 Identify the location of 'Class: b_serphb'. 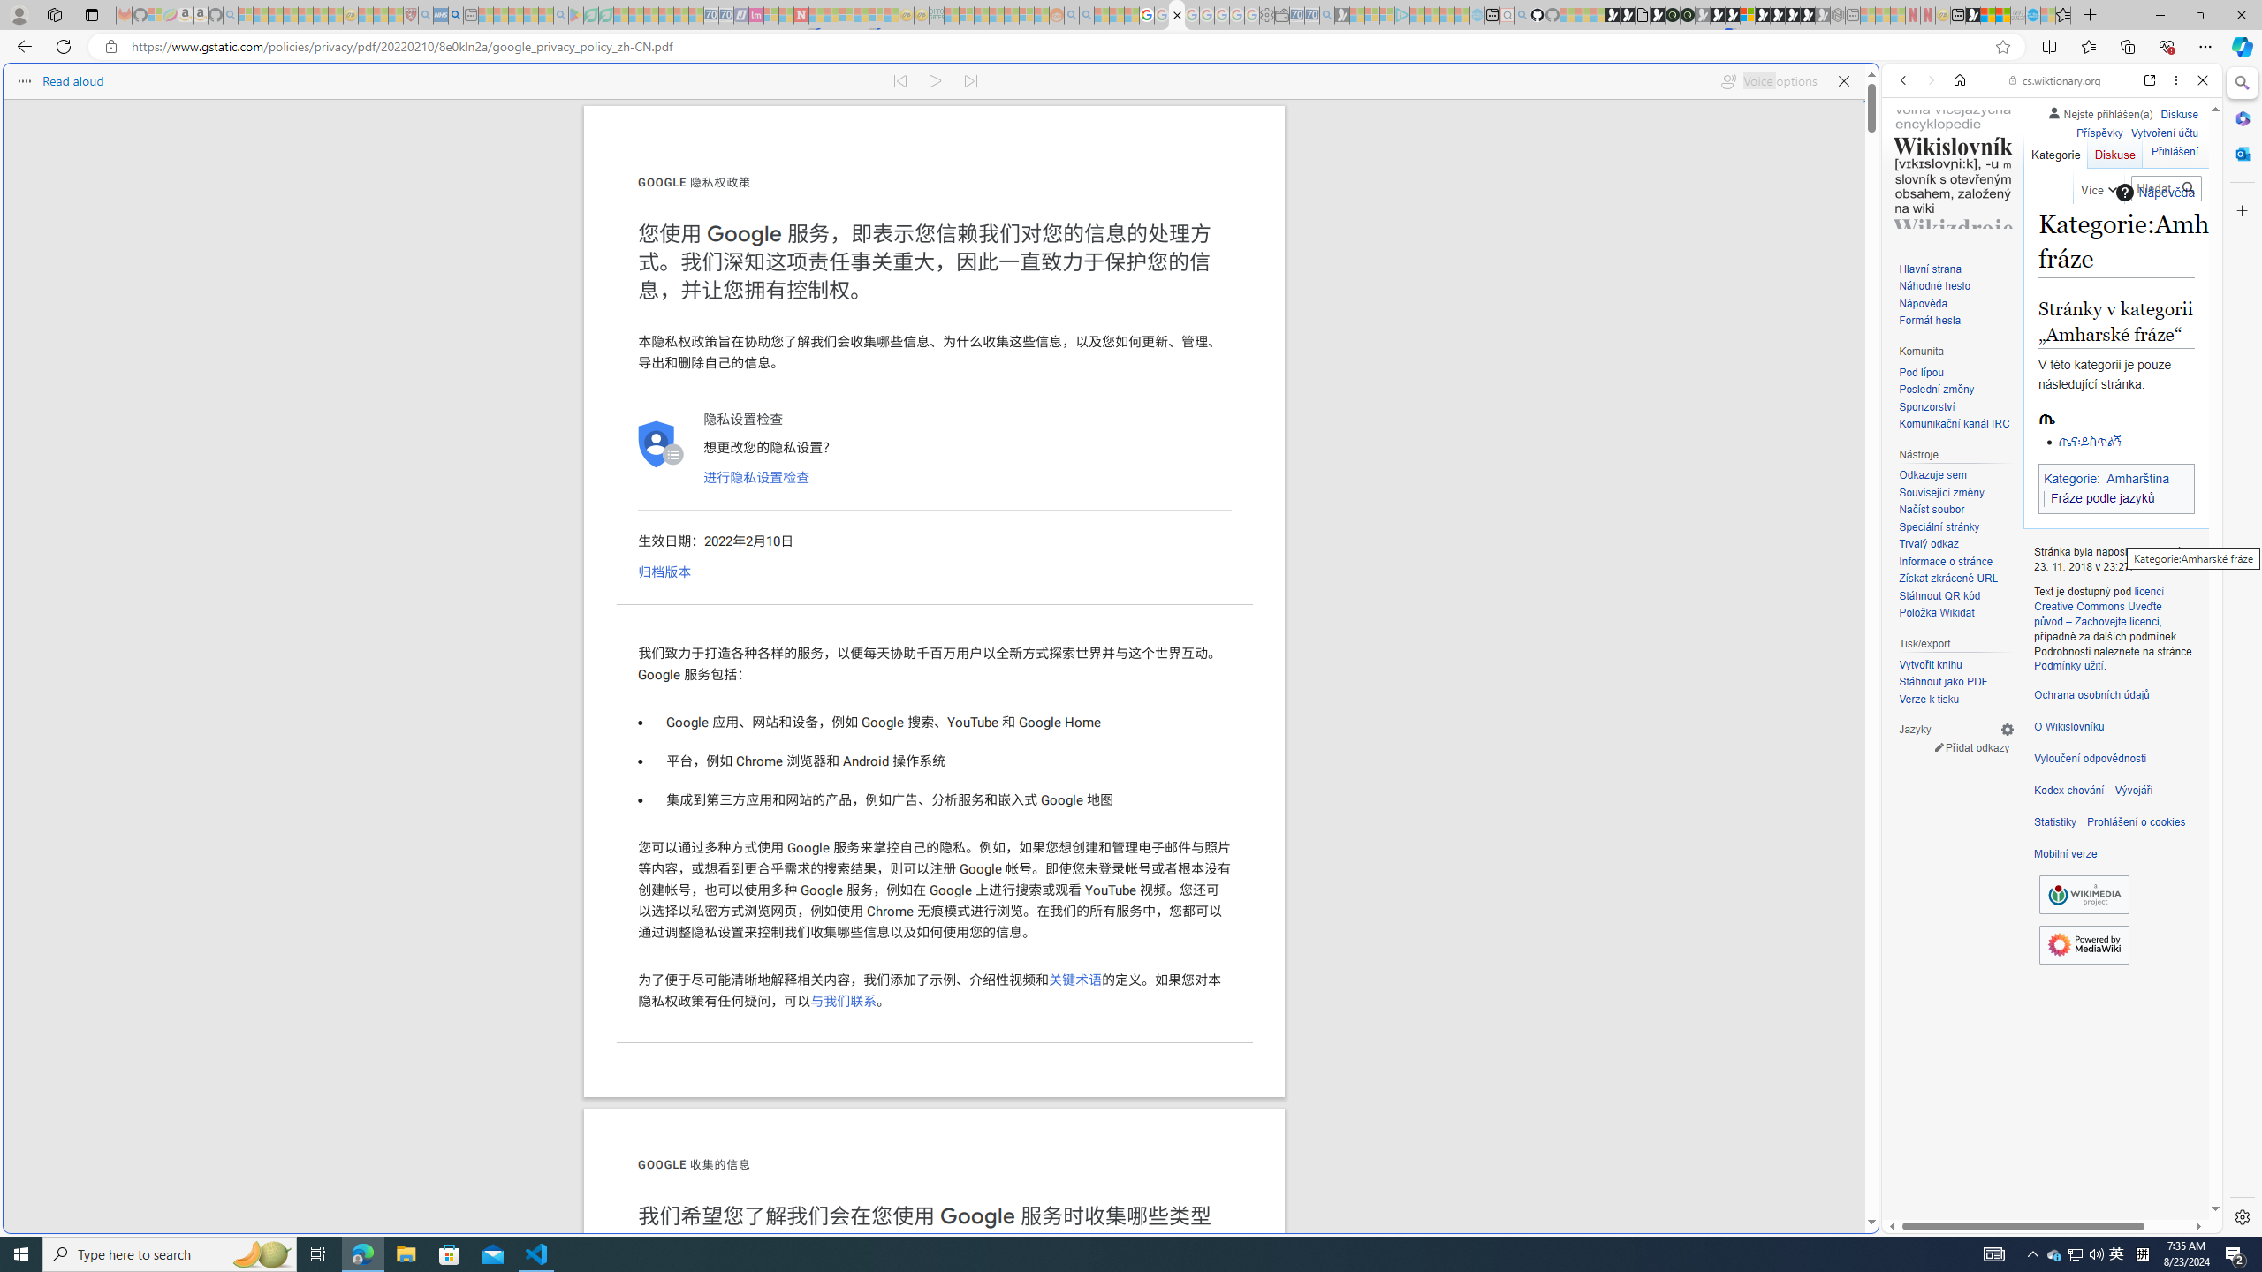
(2182, 202).